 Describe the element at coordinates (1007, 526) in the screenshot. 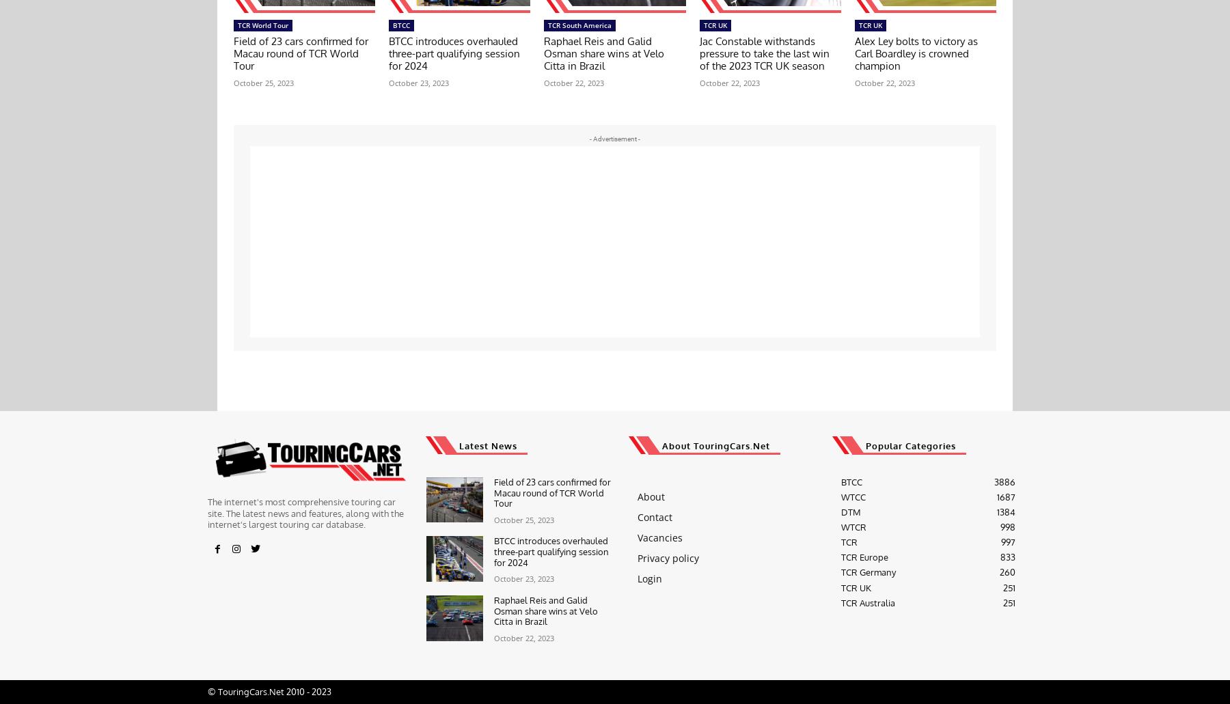

I see `'998'` at that location.